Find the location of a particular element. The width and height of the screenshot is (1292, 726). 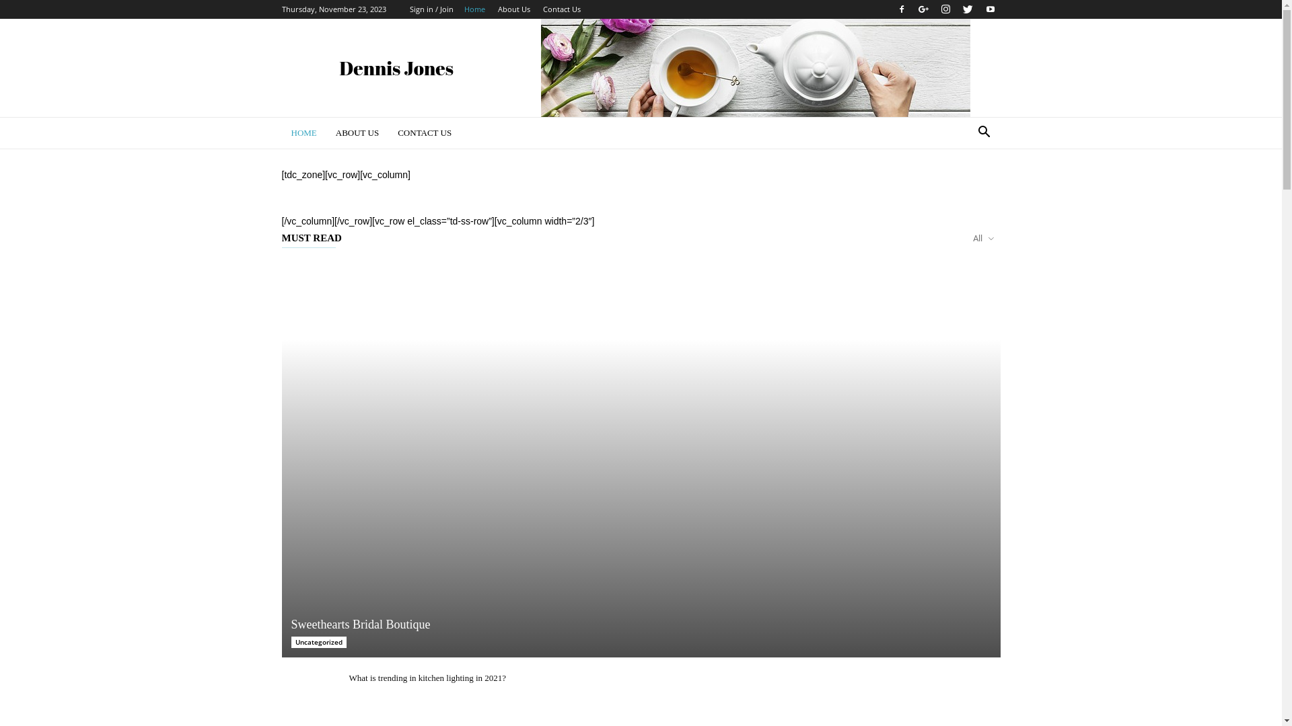

'Home' is located at coordinates (474, 9).